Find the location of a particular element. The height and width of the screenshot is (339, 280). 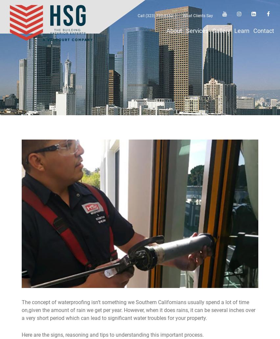

'About' is located at coordinates (166, 31).